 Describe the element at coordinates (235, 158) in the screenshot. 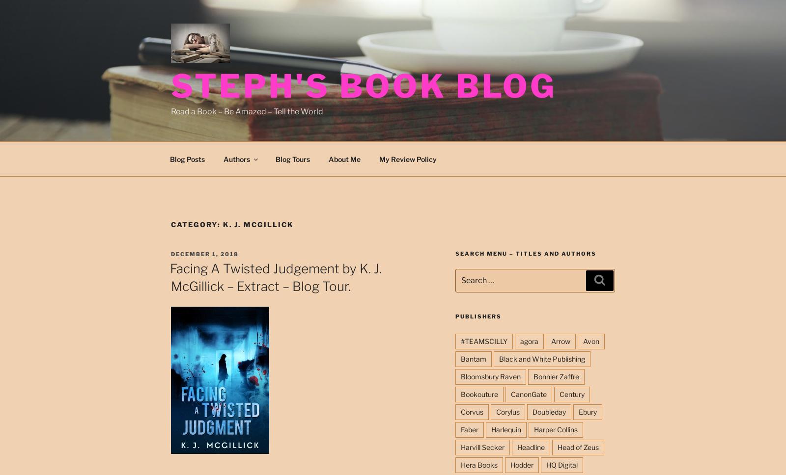

I see `'Authors'` at that location.